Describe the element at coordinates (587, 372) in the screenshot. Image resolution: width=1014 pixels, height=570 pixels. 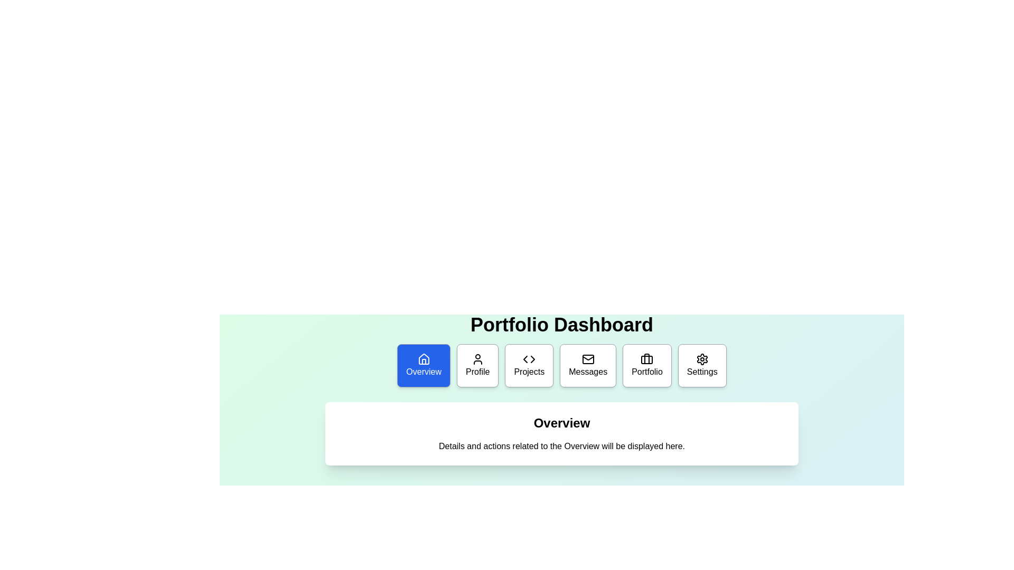
I see `text of the 'Messages' label located at the center of the Messages dashboard tile, which is beneath the envelope icon` at that location.